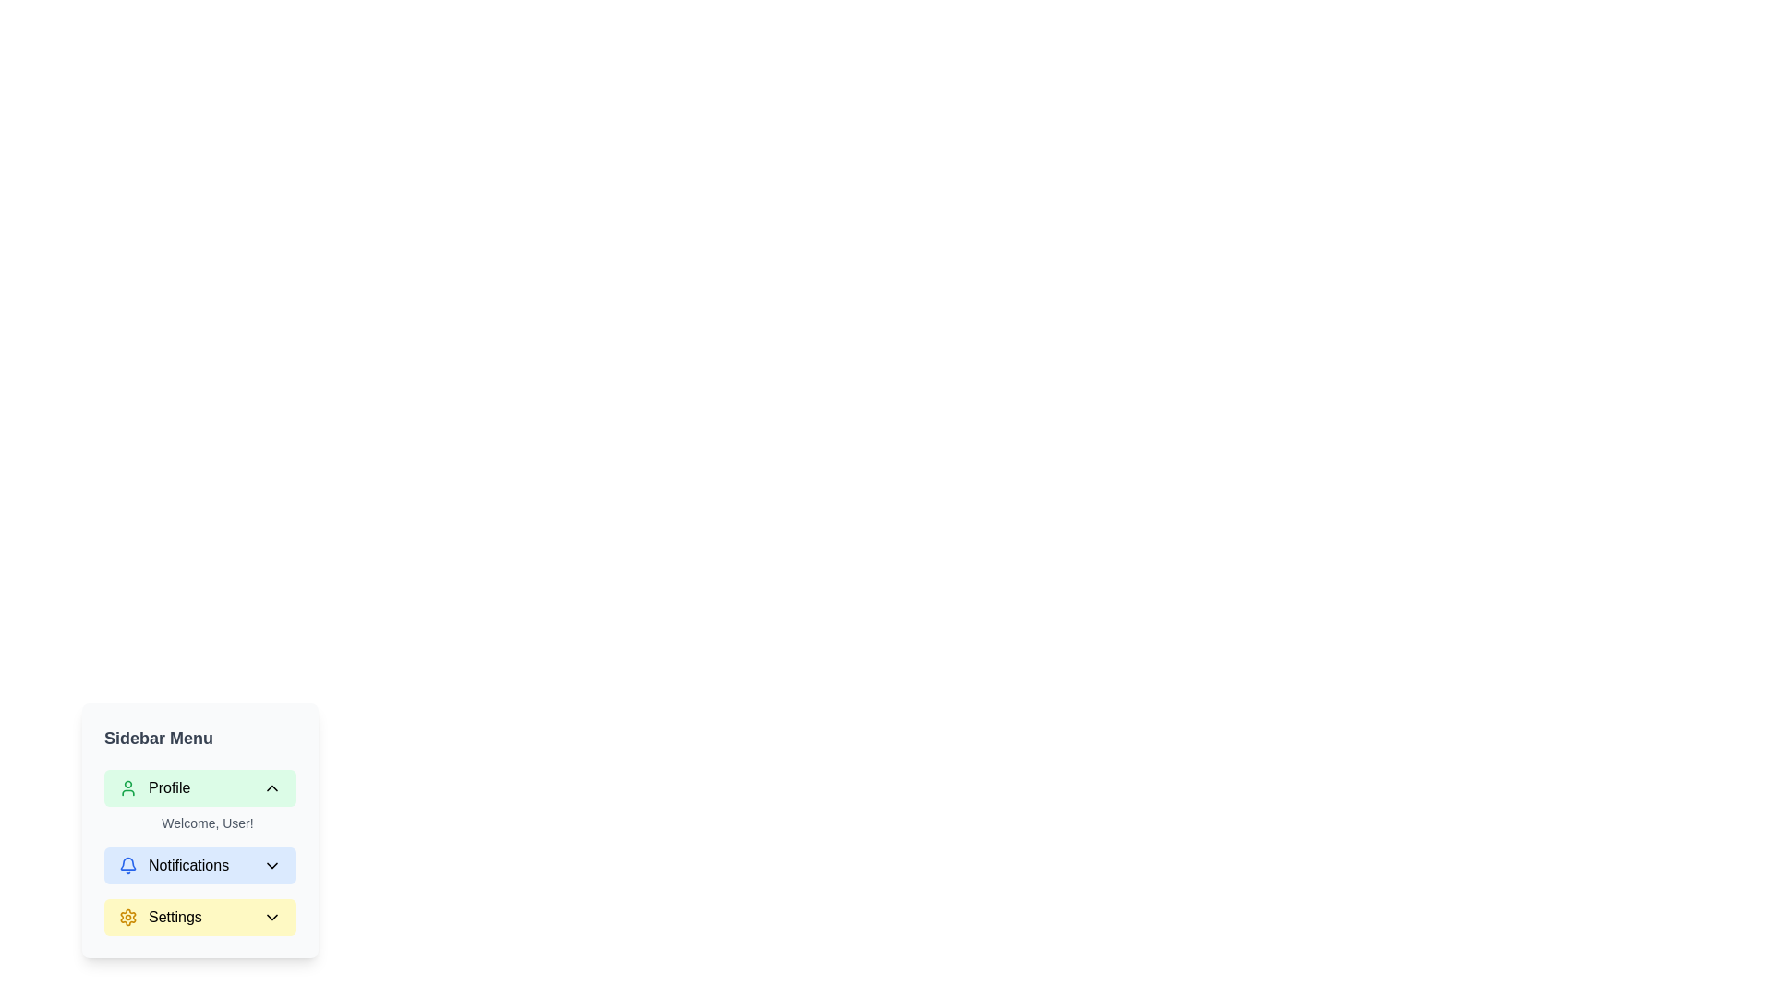  What do you see at coordinates (159, 737) in the screenshot?
I see `the 'Sidebar Menu' label, which is the first item in the vertical menu section styled with a bold gray font` at bounding box center [159, 737].